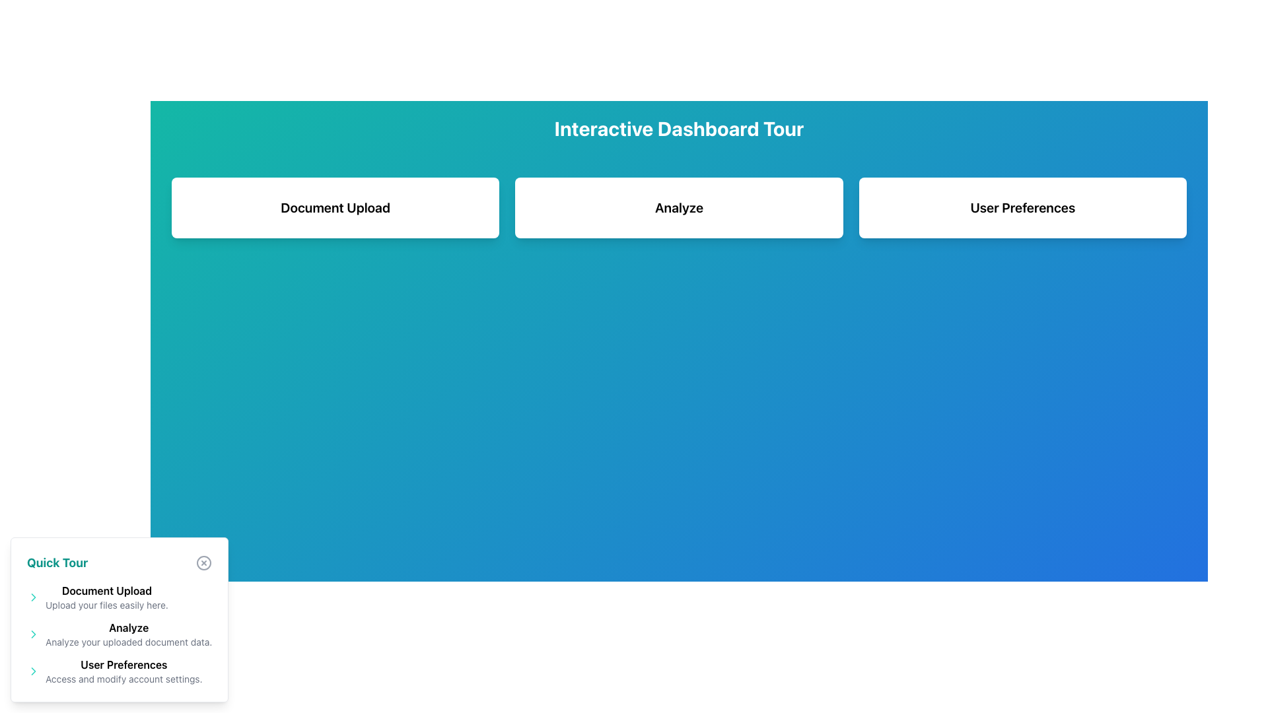 The image size is (1268, 713). What do you see at coordinates (34, 597) in the screenshot?
I see `the chevron icon indicating expandability or navigation associated with the 'Document Upload' option` at bounding box center [34, 597].